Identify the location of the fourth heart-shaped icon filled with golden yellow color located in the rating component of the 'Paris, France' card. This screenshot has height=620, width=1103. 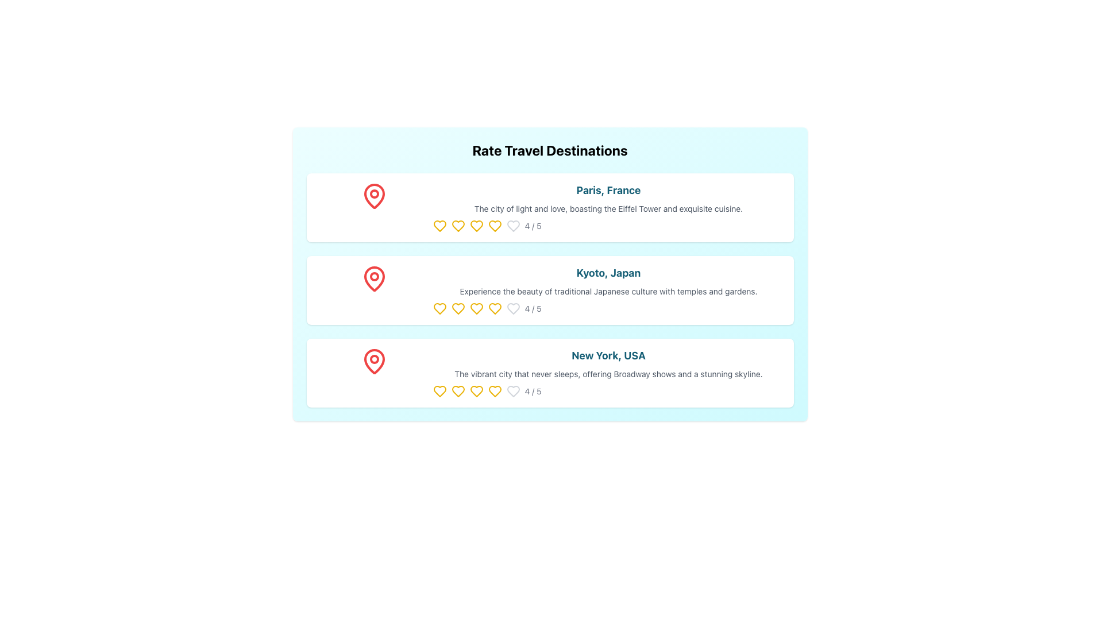
(495, 226).